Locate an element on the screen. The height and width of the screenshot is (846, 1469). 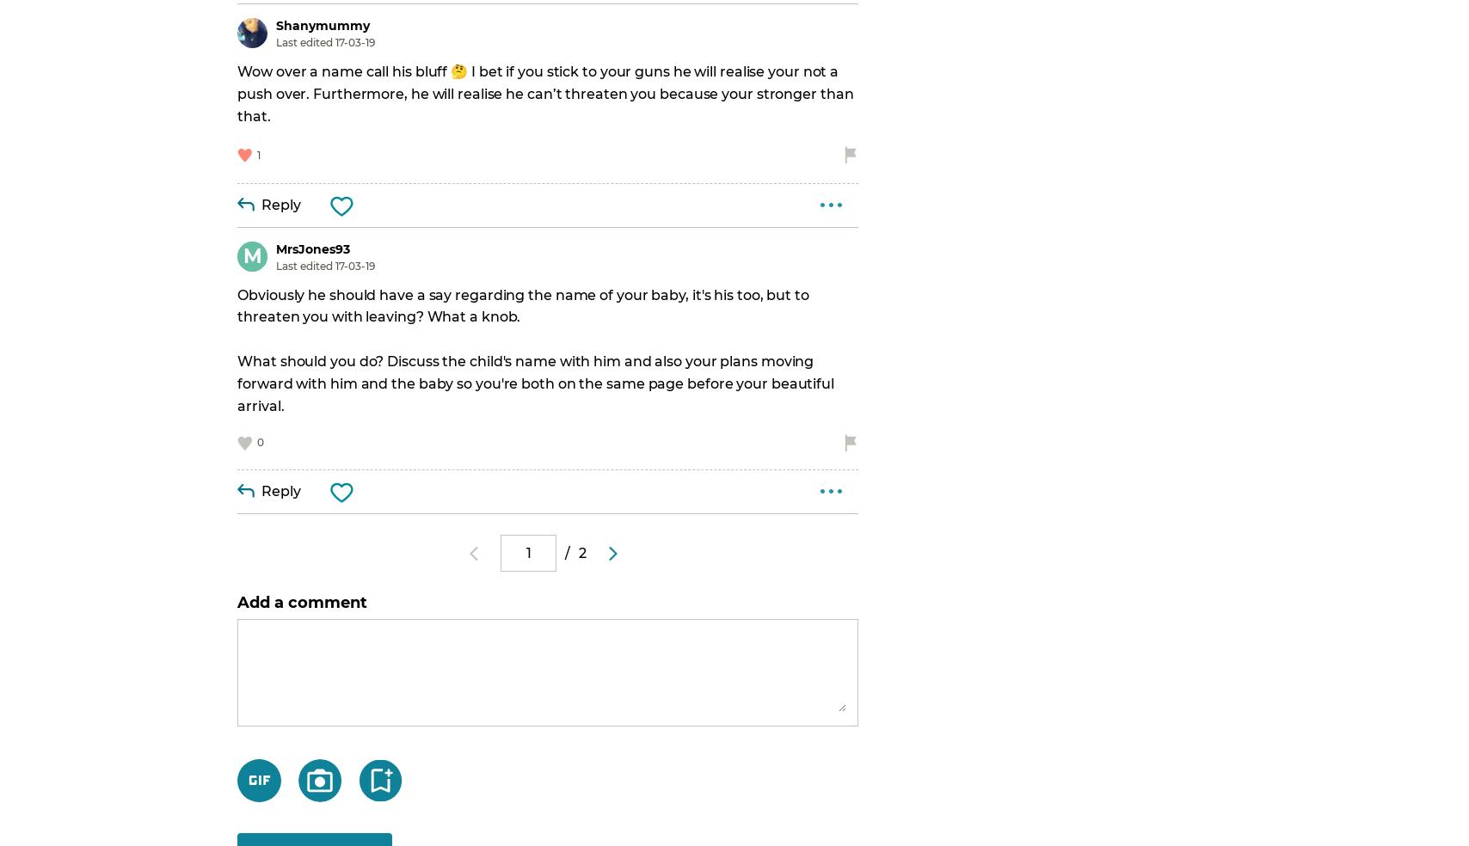
'm' is located at coordinates (251, 254).